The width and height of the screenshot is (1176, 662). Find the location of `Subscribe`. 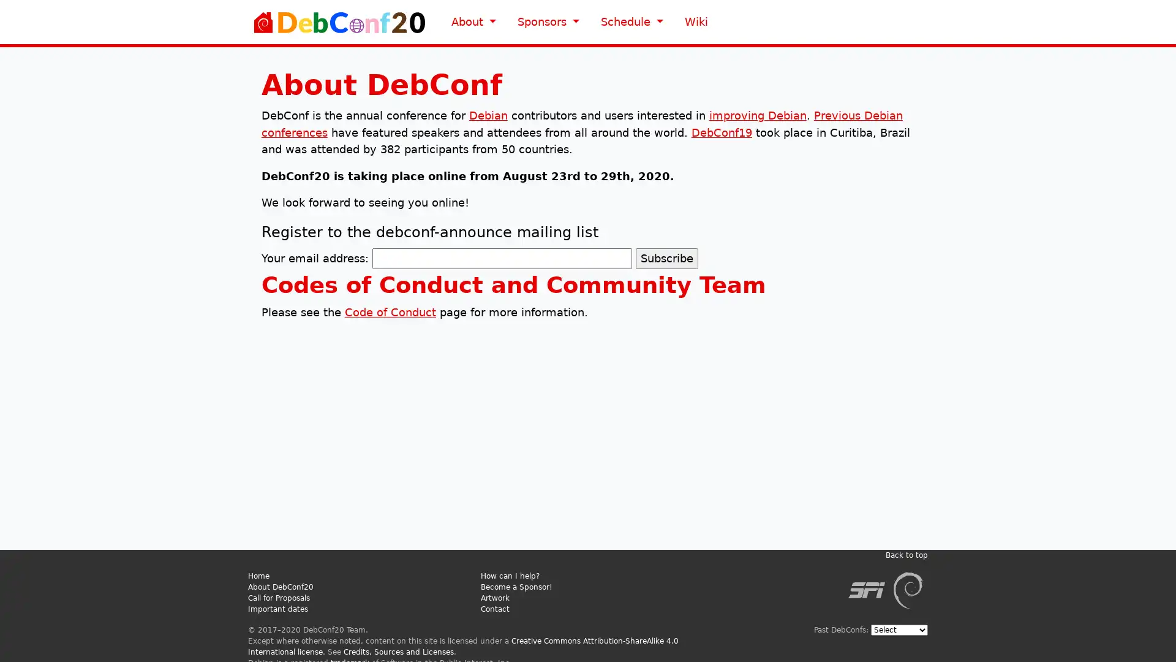

Subscribe is located at coordinates (666, 257).